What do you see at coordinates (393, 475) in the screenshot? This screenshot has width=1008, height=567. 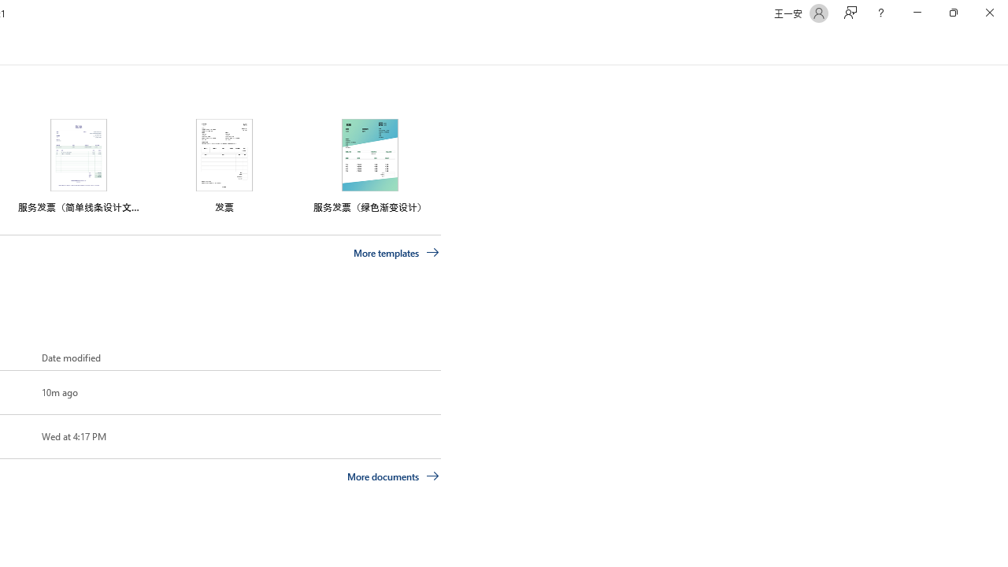 I see `'More documents'` at bounding box center [393, 475].